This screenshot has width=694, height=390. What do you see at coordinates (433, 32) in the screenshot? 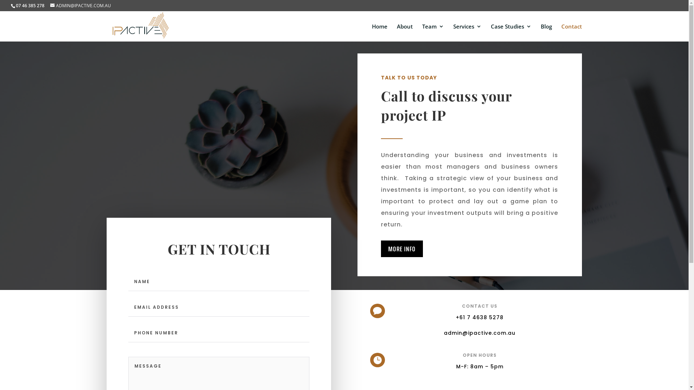
I see `'Team'` at bounding box center [433, 32].